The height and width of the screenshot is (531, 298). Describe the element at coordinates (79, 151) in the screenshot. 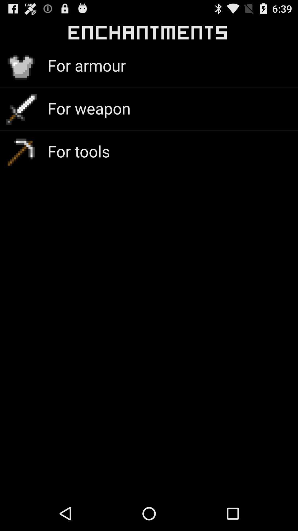

I see `app below for weapon` at that location.